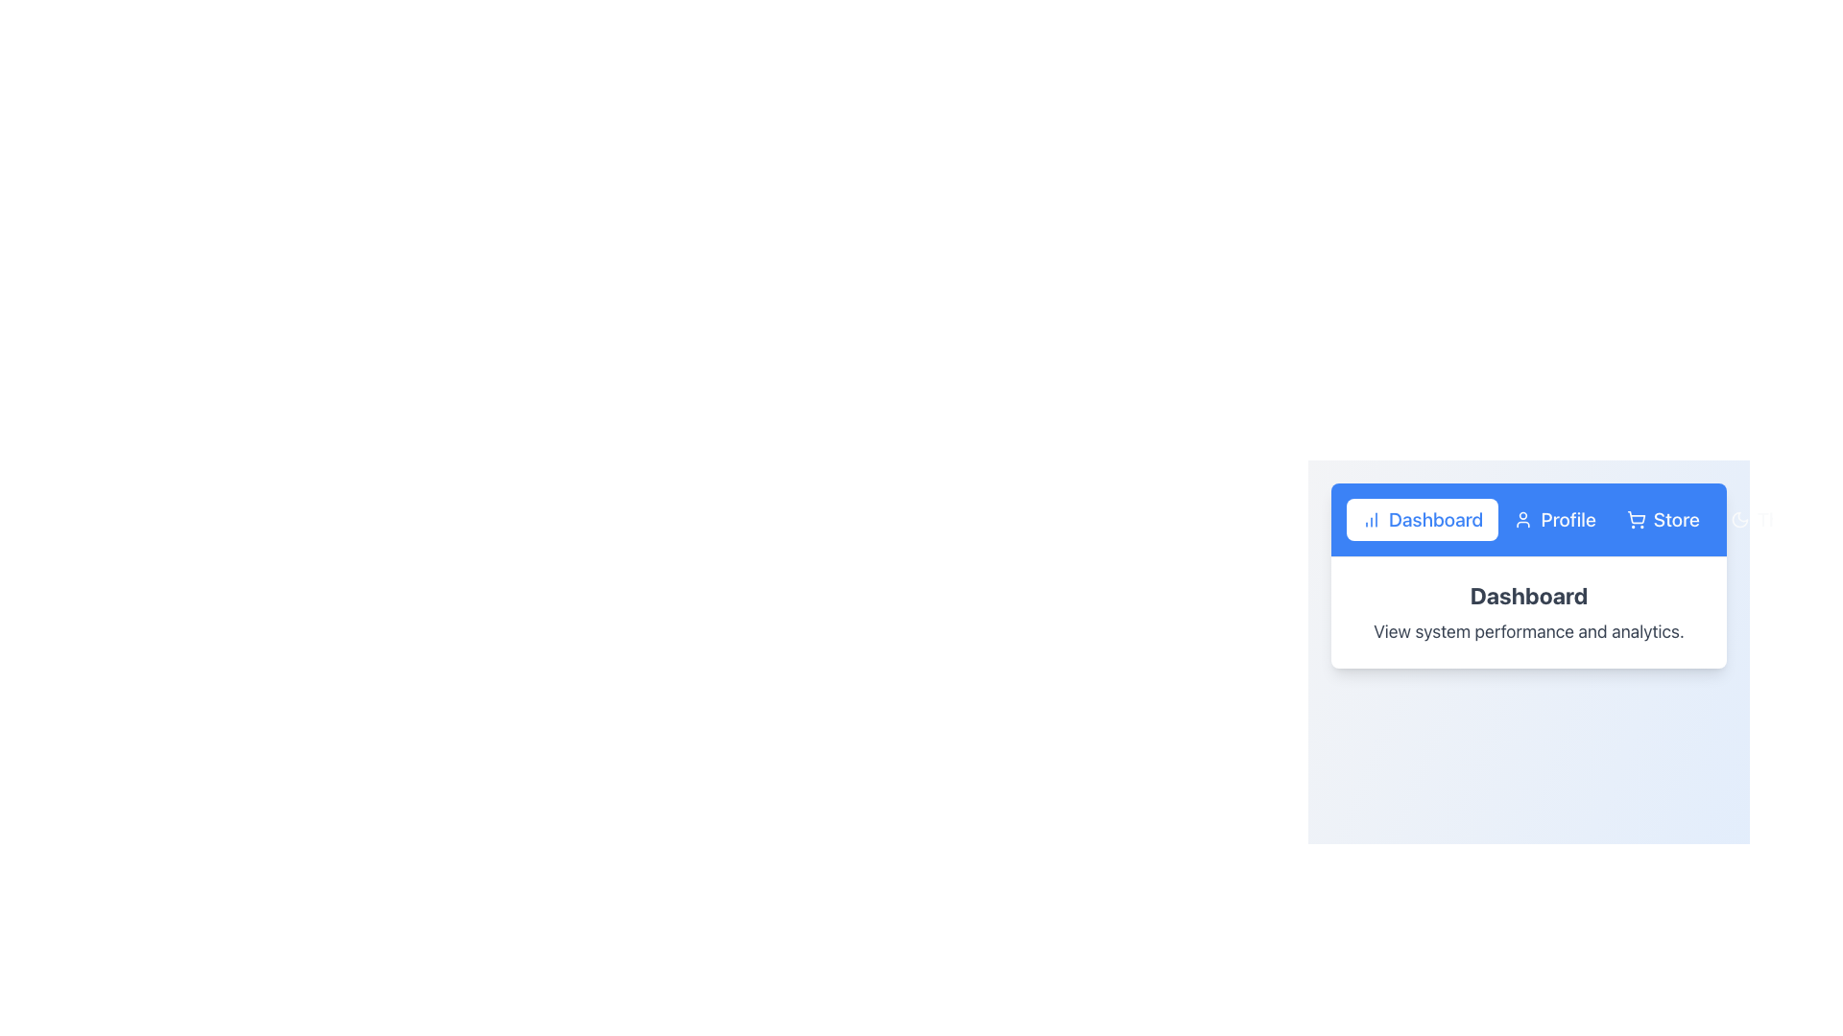 This screenshot has width=1843, height=1036. Describe the element at coordinates (1528, 595) in the screenshot. I see `text content of the Text Label that serves as the title or header for the section, positioned above the descriptive text about system performance` at that location.